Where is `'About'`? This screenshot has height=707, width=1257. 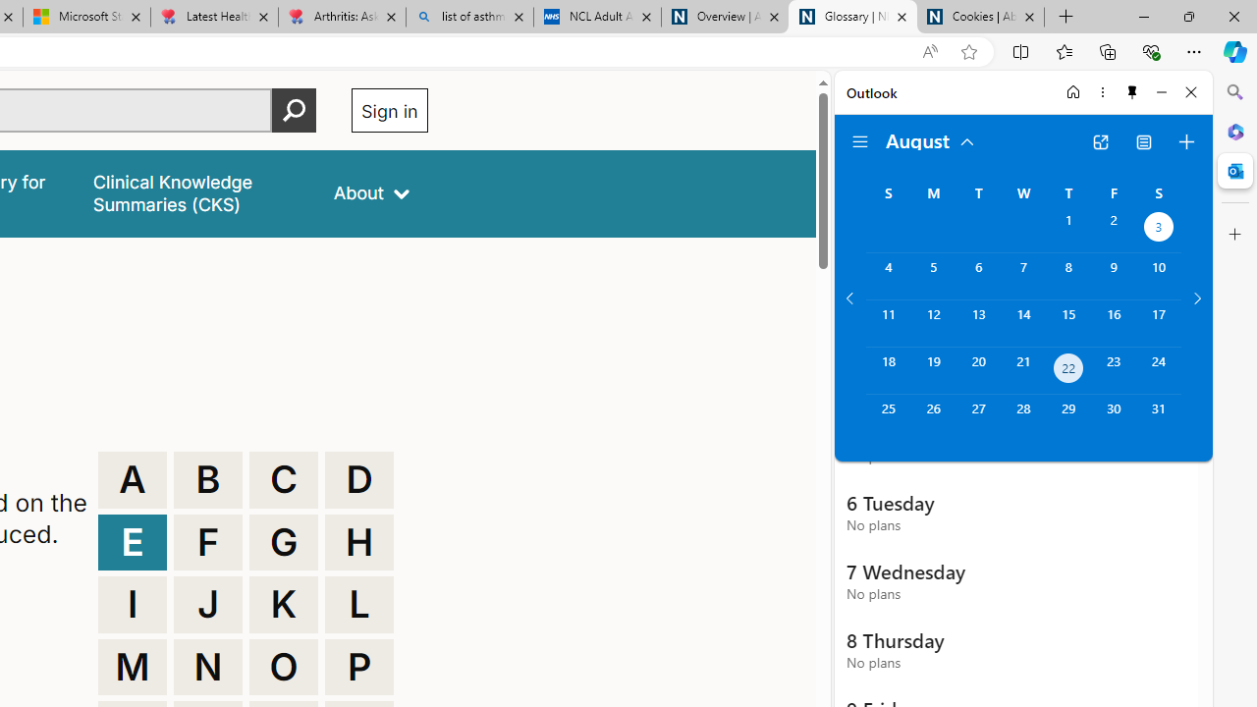 'About' is located at coordinates (371, 193).